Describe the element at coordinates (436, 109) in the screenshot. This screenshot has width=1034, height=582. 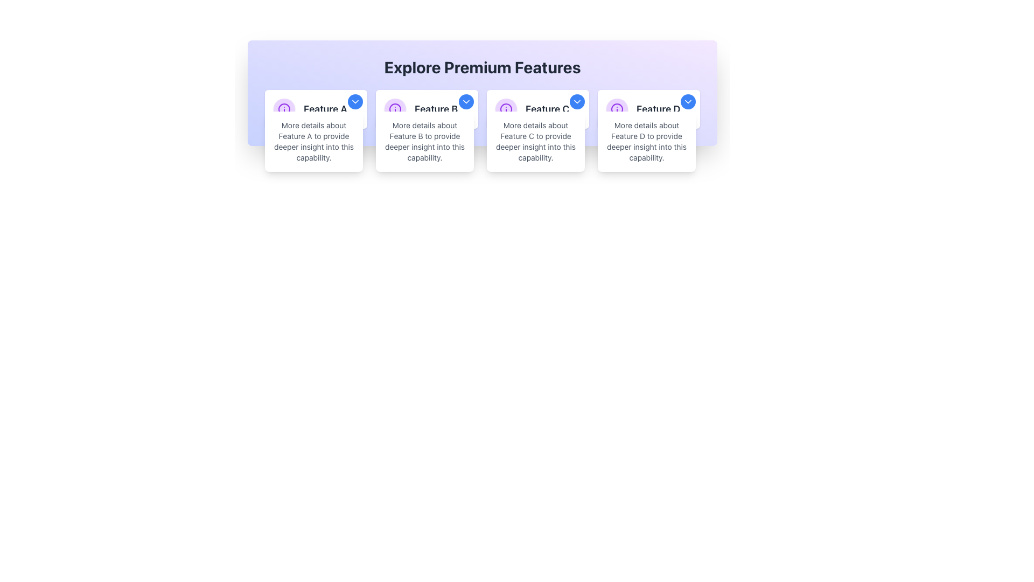
I see `the text label displaying 'Feature B', which is styled with a bold font and dark gray color, located under 'Explore Premium Features' and between 'Feature A' and 'Feature C'` at that location.